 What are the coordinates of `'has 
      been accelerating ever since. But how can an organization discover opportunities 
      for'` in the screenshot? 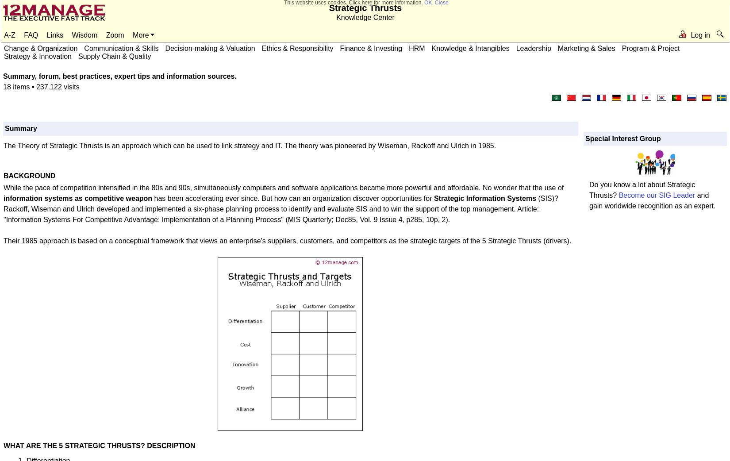 It's located at (292, 198).